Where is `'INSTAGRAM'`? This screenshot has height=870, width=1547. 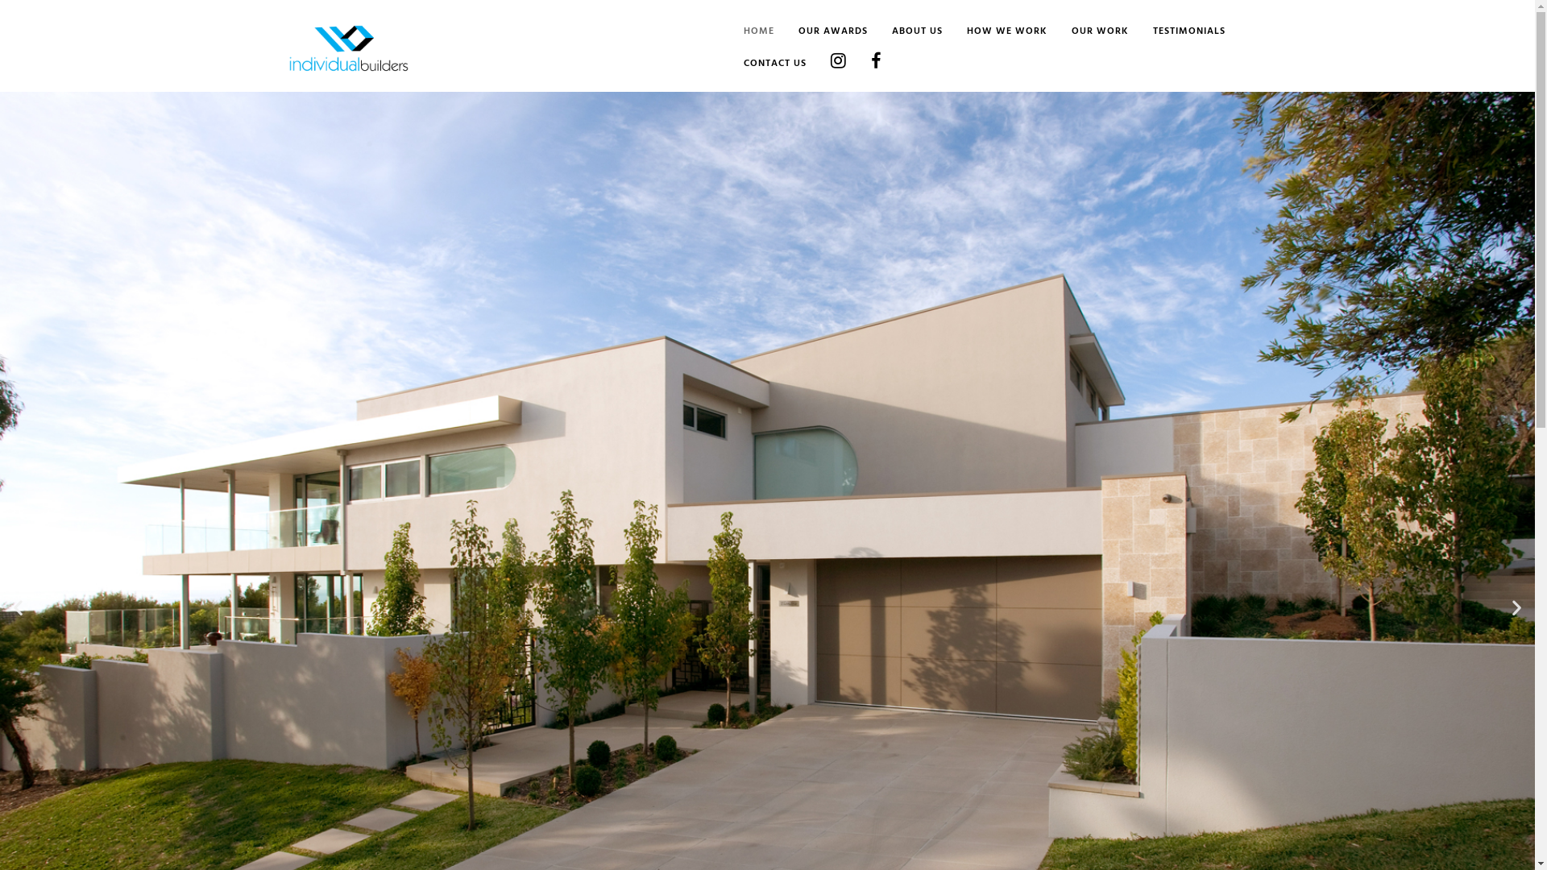
'INSTAGRAM' is located at coordinates (826, 64).